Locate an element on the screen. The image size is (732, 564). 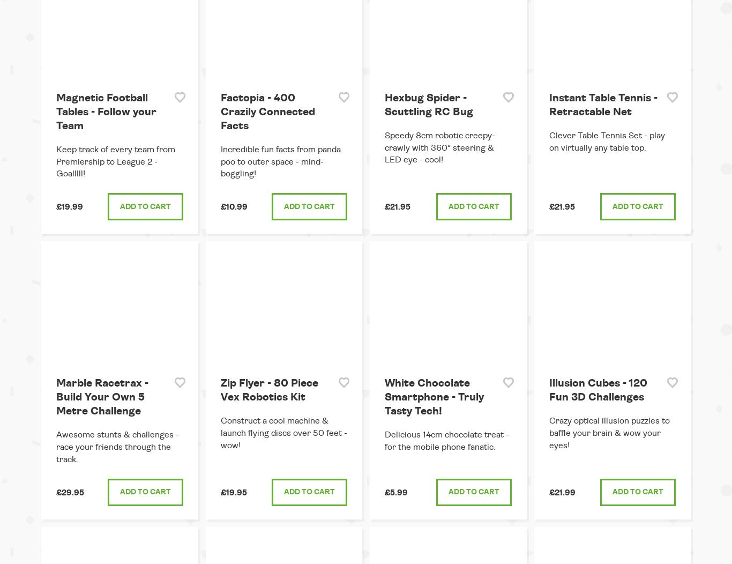
'£10.99' is located at coordinates (233, 207).